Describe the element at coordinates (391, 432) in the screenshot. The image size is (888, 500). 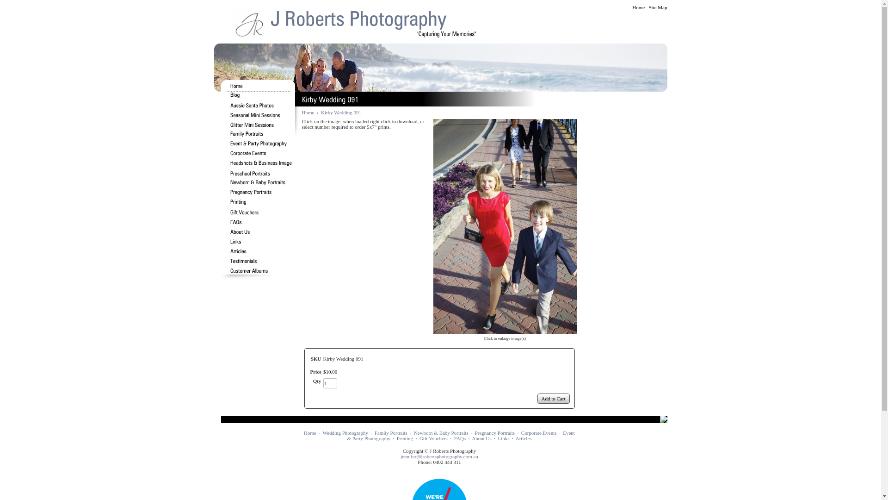
I see `'Family Portraits'` at that location.